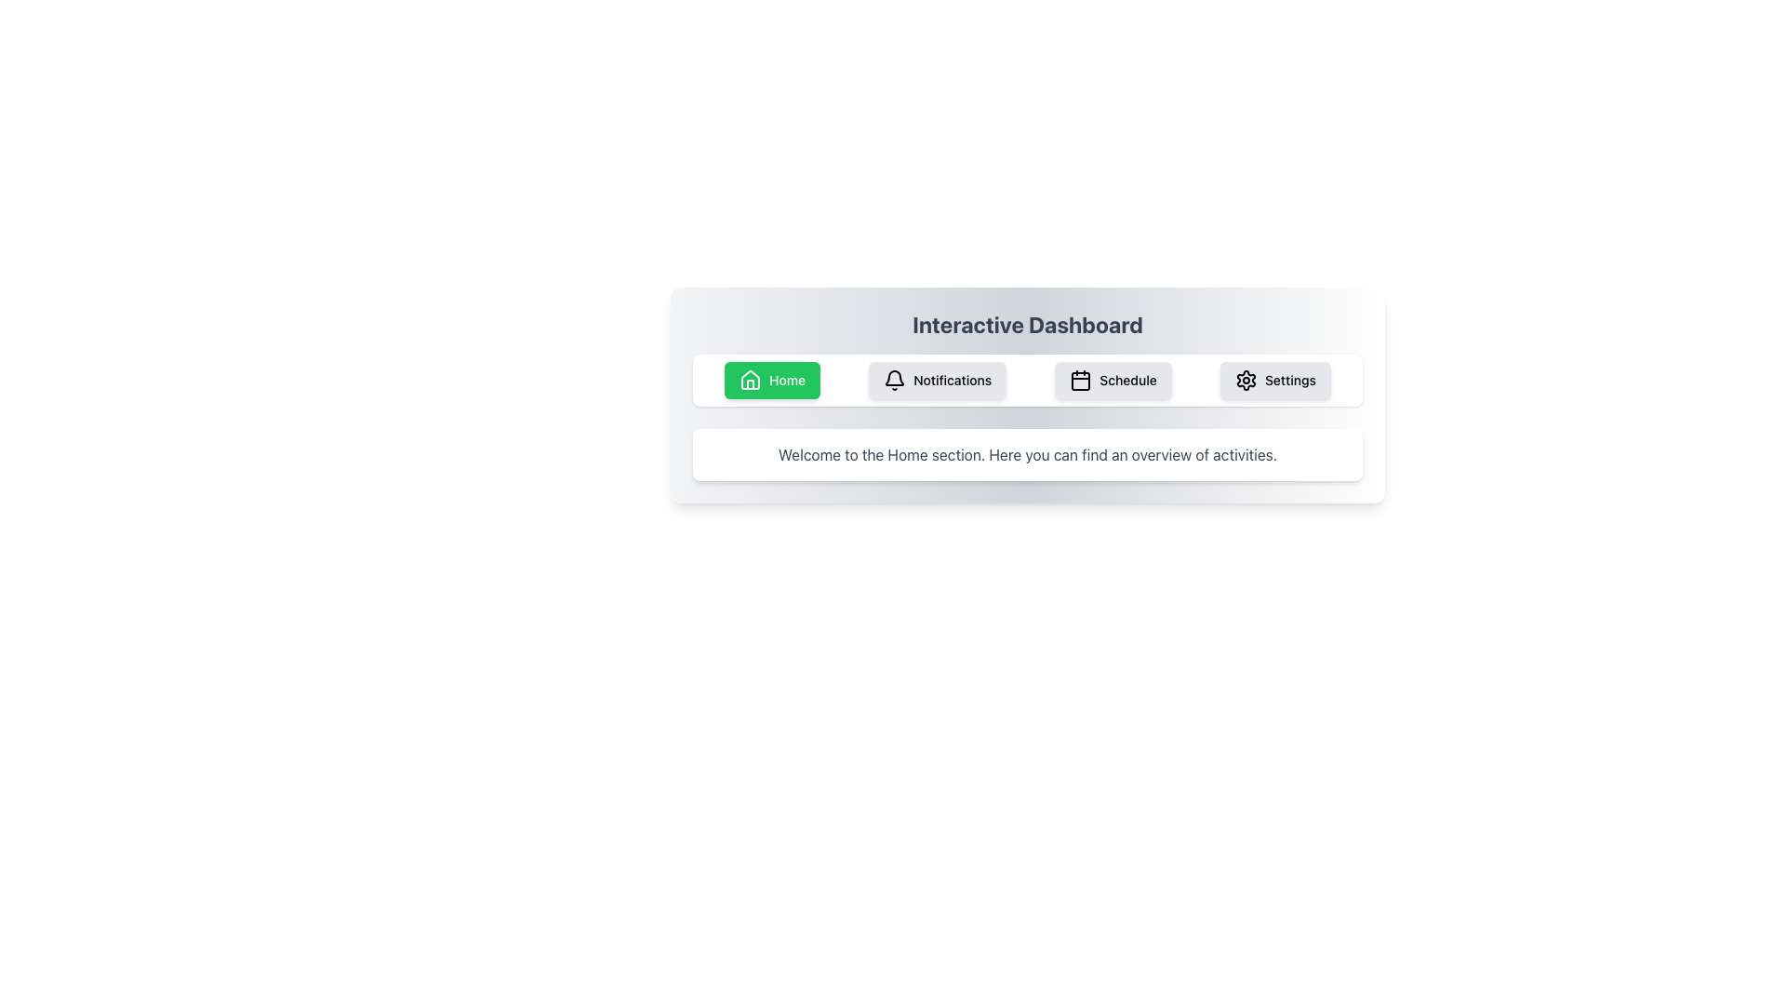 The width and height of the screenshot is (1786, 1005). Describe the element at coordinates (1026, 323) in the screenshot. I see `the title text element located at the top-center of the interface` at that location.